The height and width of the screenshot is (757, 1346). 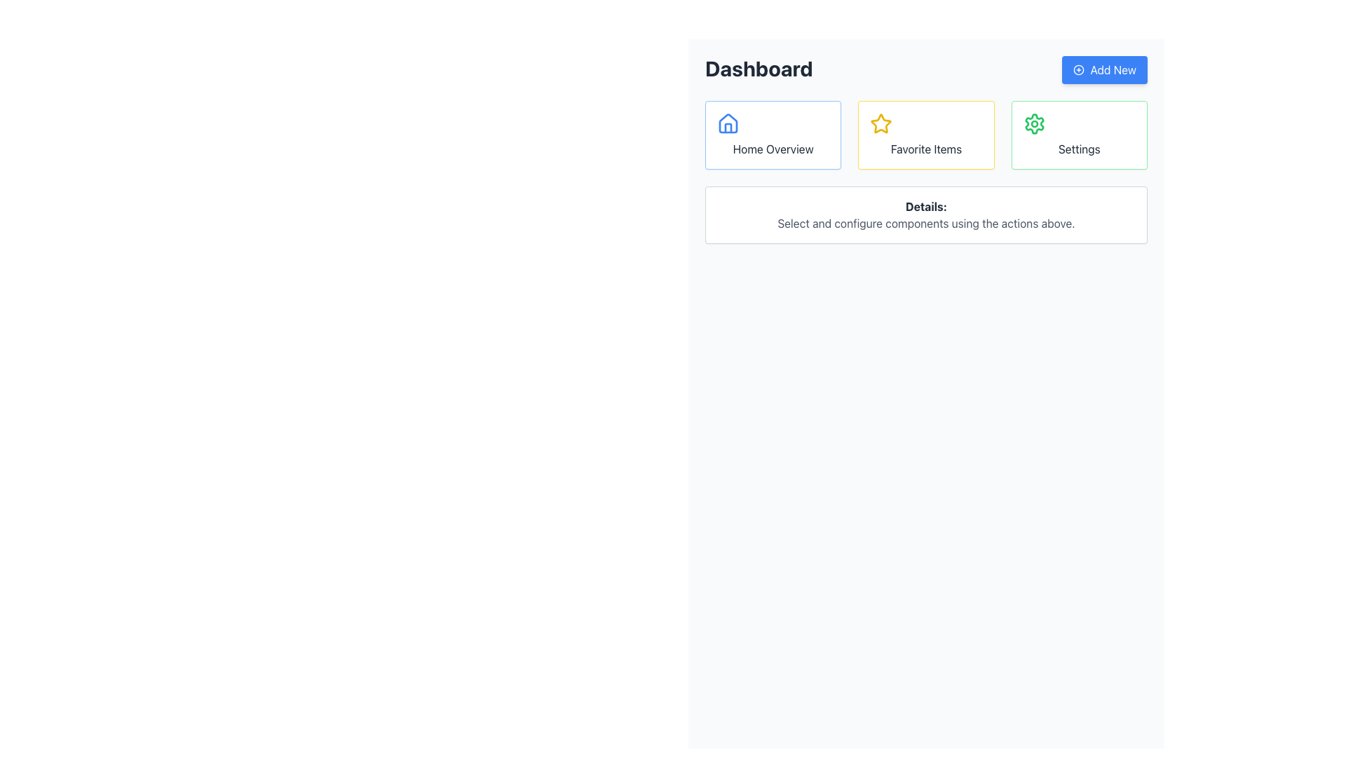 What do you see at coordinates (1034, 123) in the screenshot?
I see `the green gear icon located in the 'Settings' section, which is centered in the top section of the 'Settings' card above its label text` at bounding box center [1034, 123].